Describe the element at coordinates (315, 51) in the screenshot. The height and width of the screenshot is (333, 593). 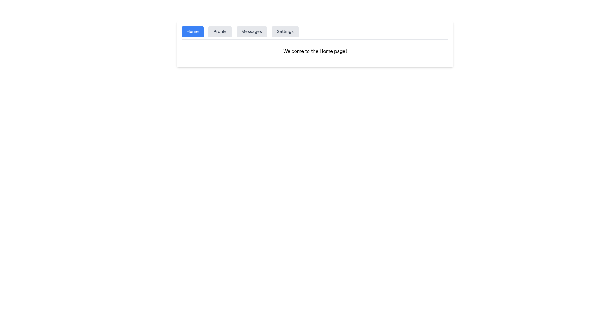
I see `the greeting text that informs users they are on the 'Home' page, located below the navigation bar` at that location.